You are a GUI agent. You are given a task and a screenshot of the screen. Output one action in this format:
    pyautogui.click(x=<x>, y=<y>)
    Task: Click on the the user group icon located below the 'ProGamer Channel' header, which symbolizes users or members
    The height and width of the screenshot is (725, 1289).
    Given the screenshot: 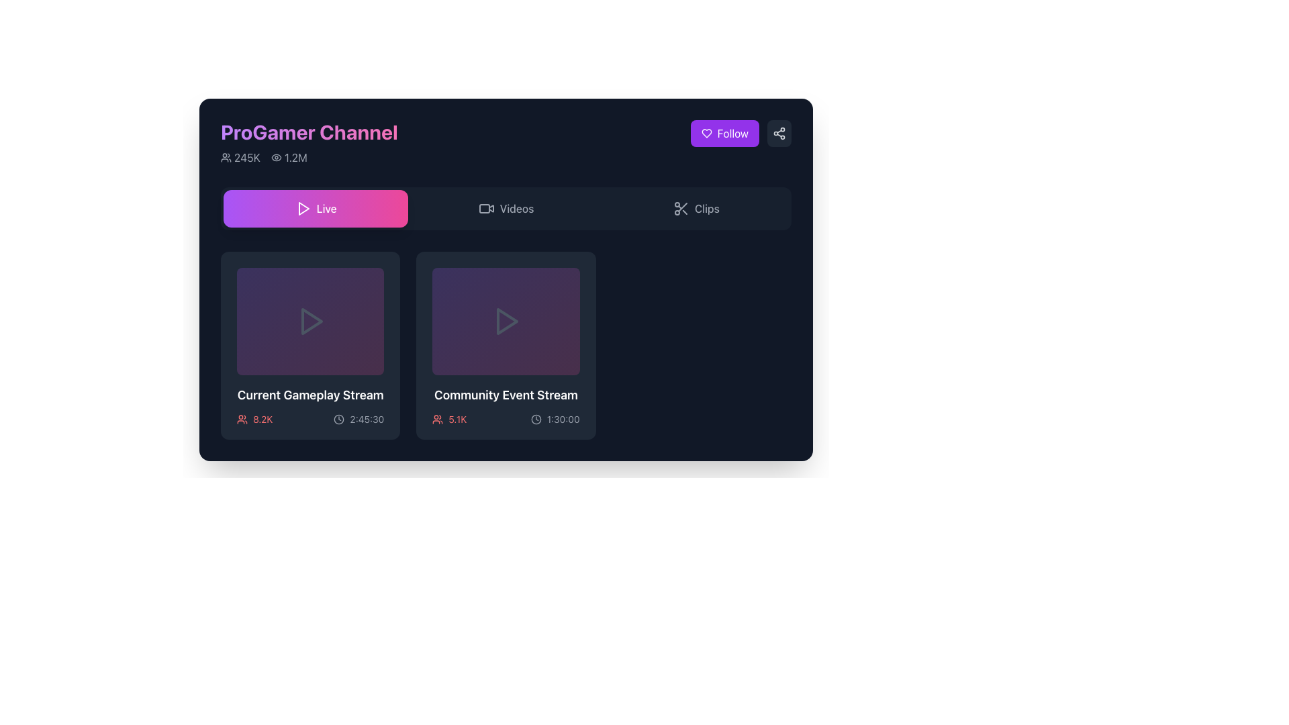 What is the action you would take?
    pyautogui.click(x=226, y=157)
    